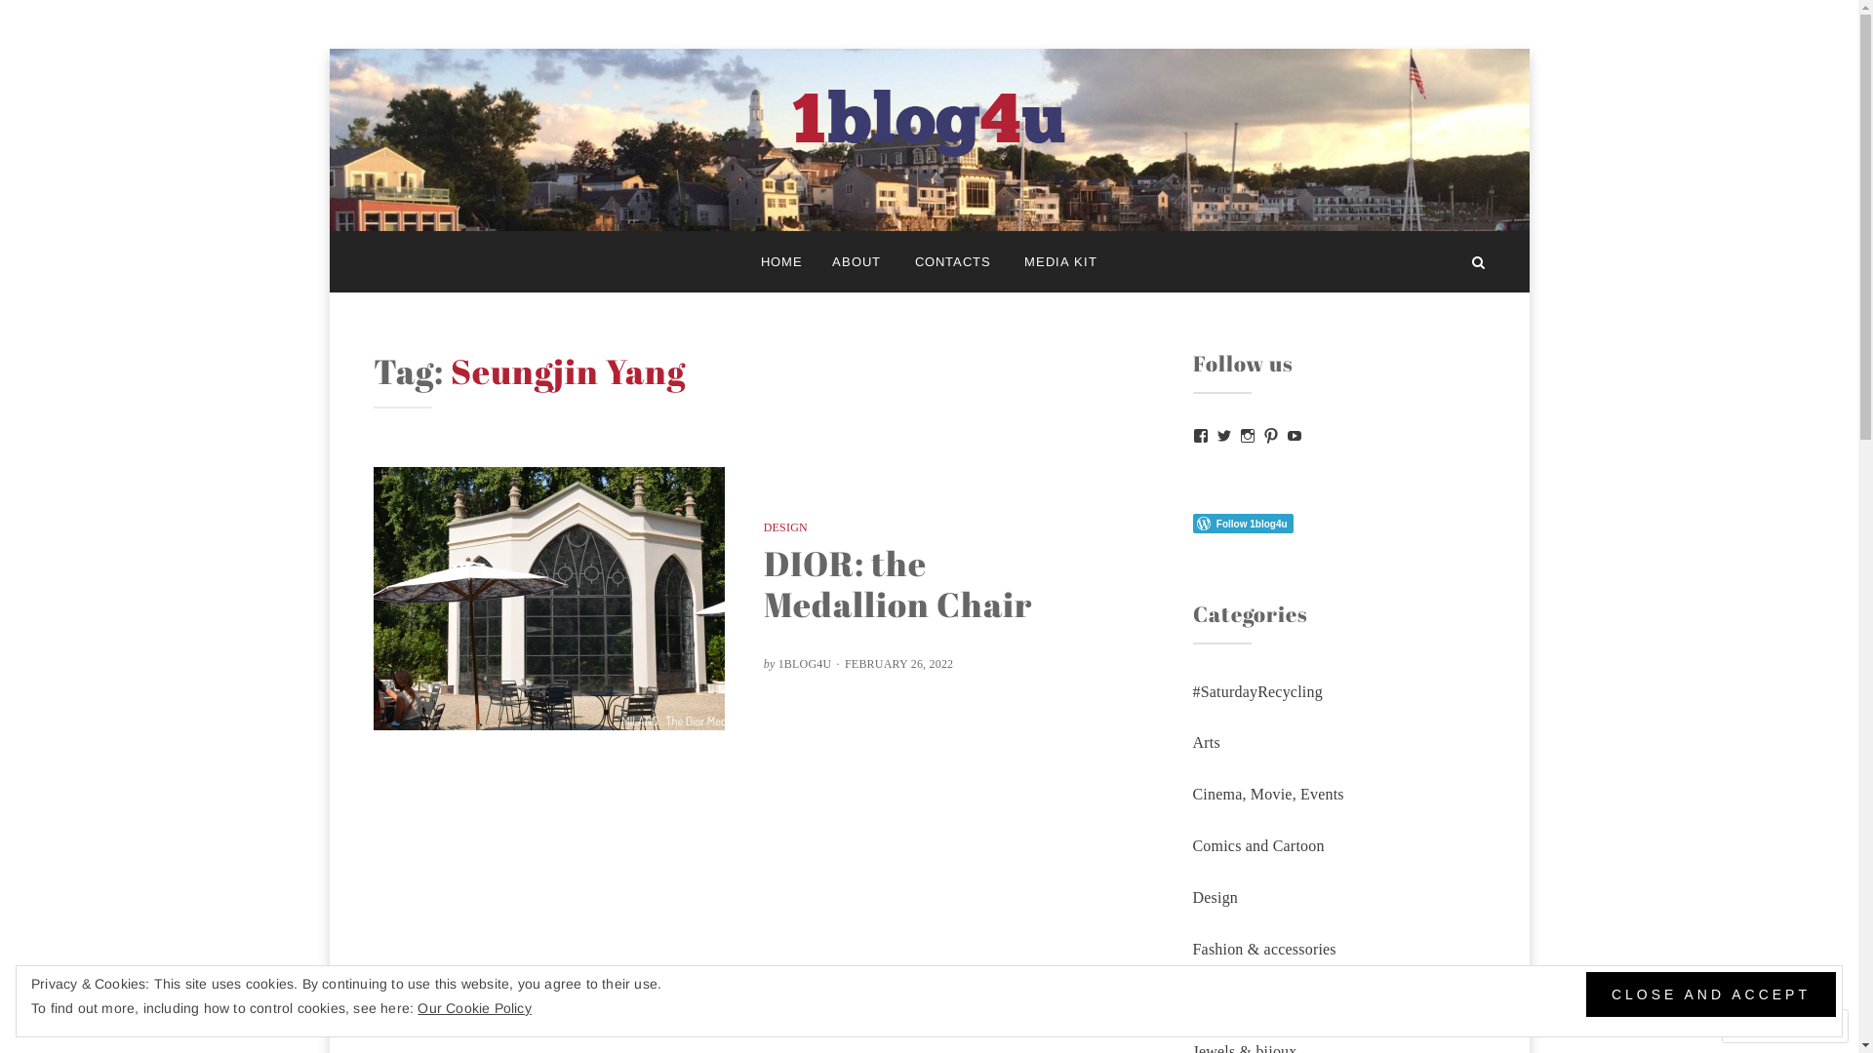 Image resolution: width=1873 pixels, height=1053 pixels. What do you see at coordinates (781, 260) in the screenshot?
I see `'HOME'` at bounding box center [781, 260].